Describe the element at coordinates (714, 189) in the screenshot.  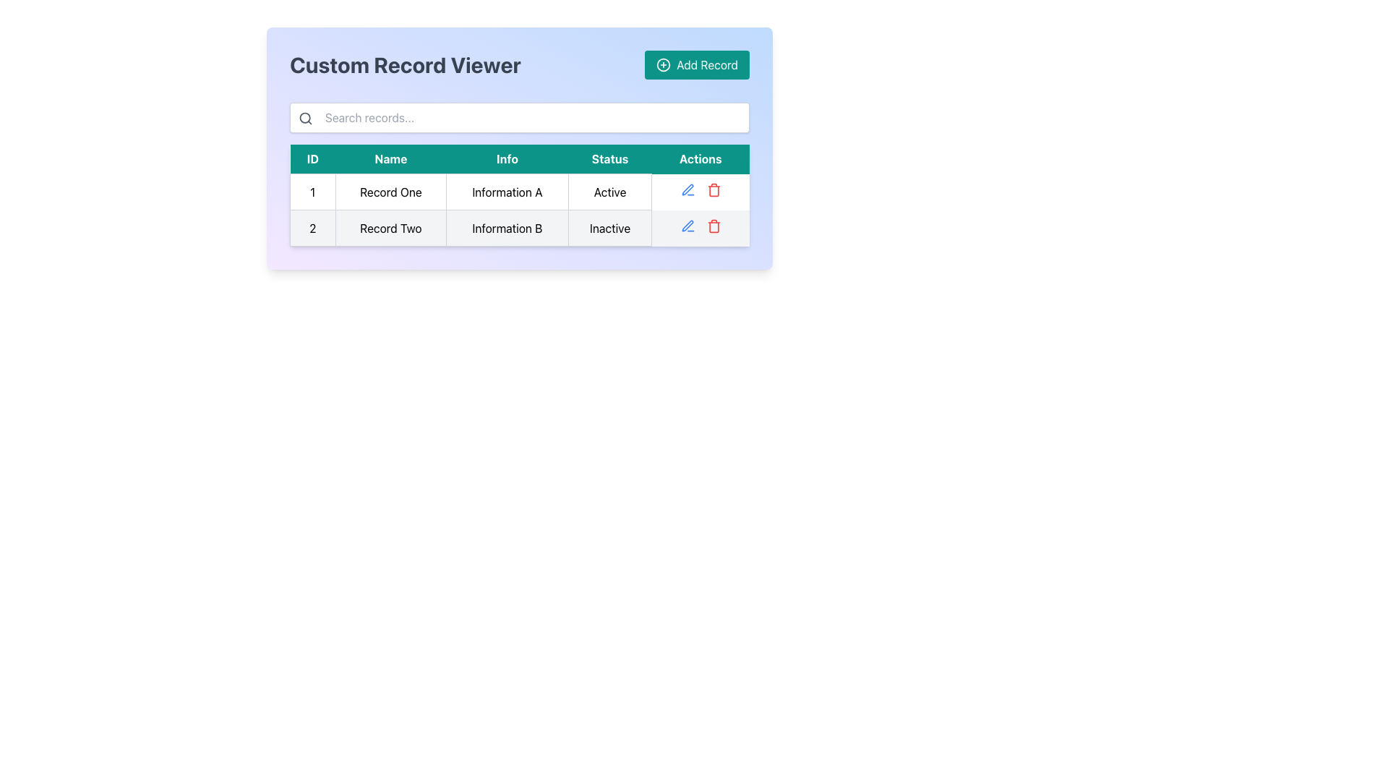
I see `the red trash bin icon` at that location.